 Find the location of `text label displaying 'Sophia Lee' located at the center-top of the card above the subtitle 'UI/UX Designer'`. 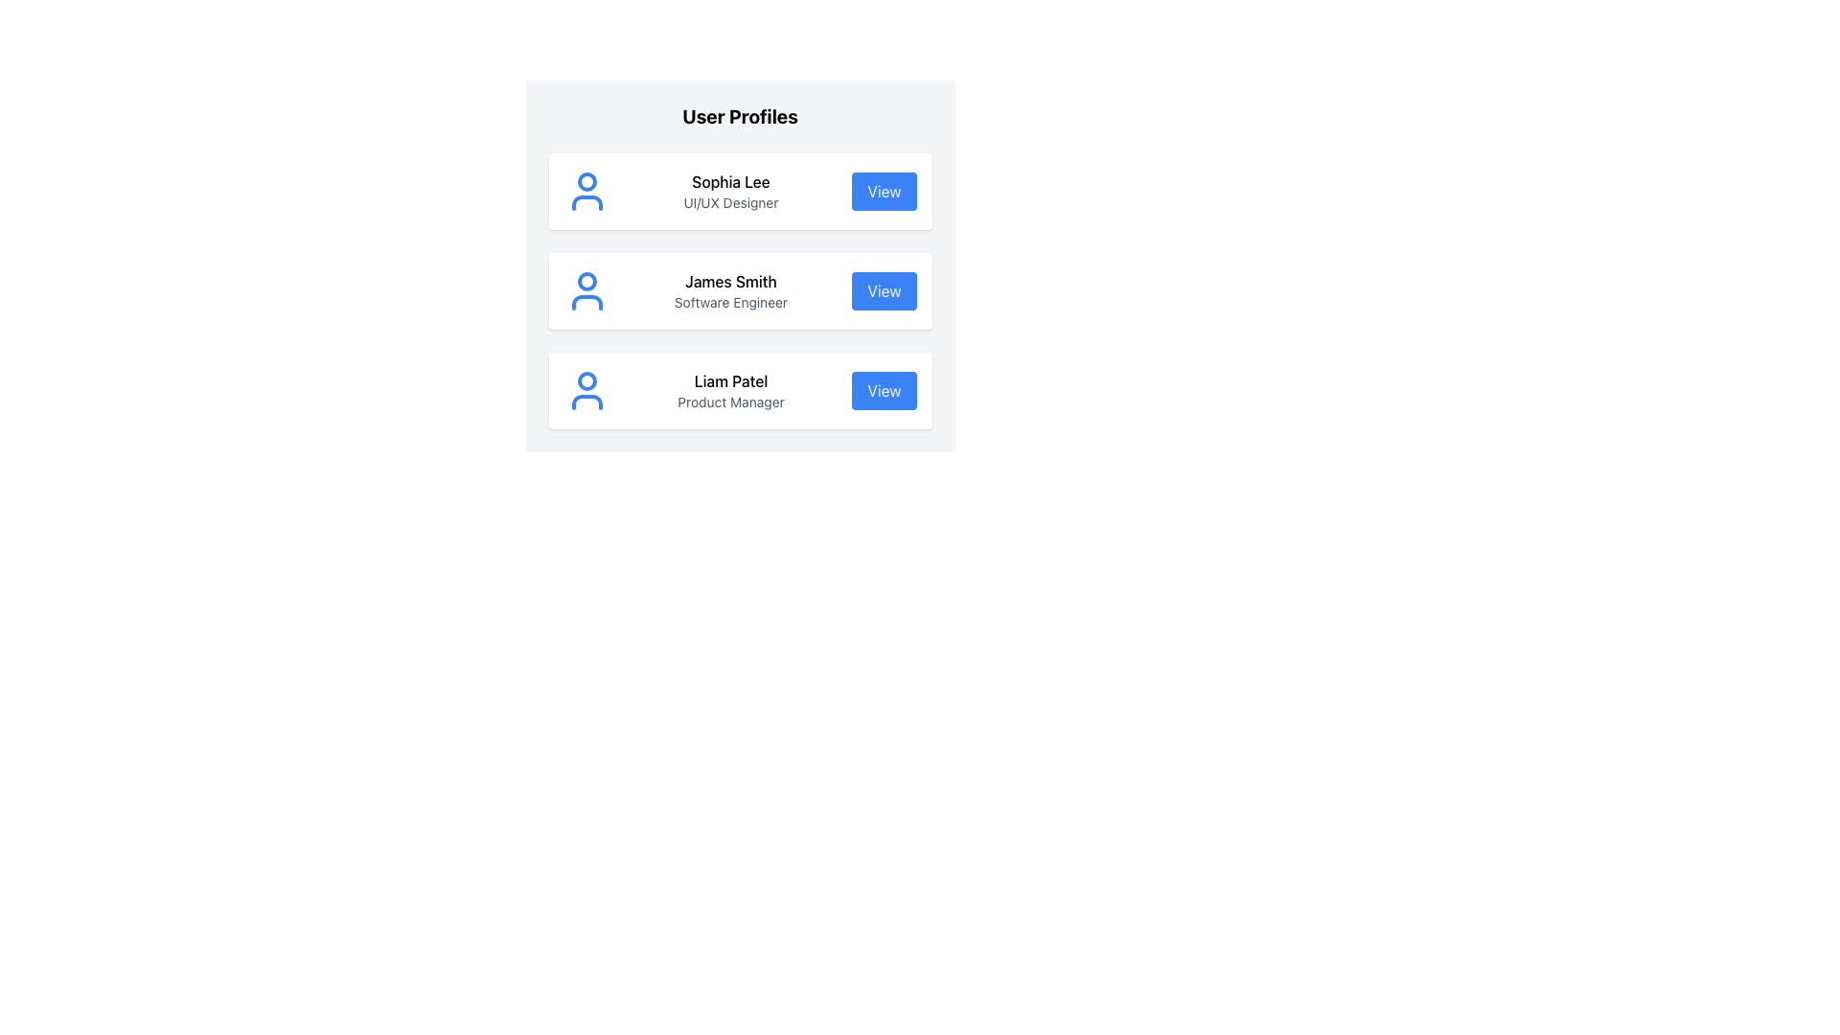

text label displaying 'Sophia Lee' located at the center-top of the card above the subtitle 'UI/UX Designer' is located at coordinates (730, 181).